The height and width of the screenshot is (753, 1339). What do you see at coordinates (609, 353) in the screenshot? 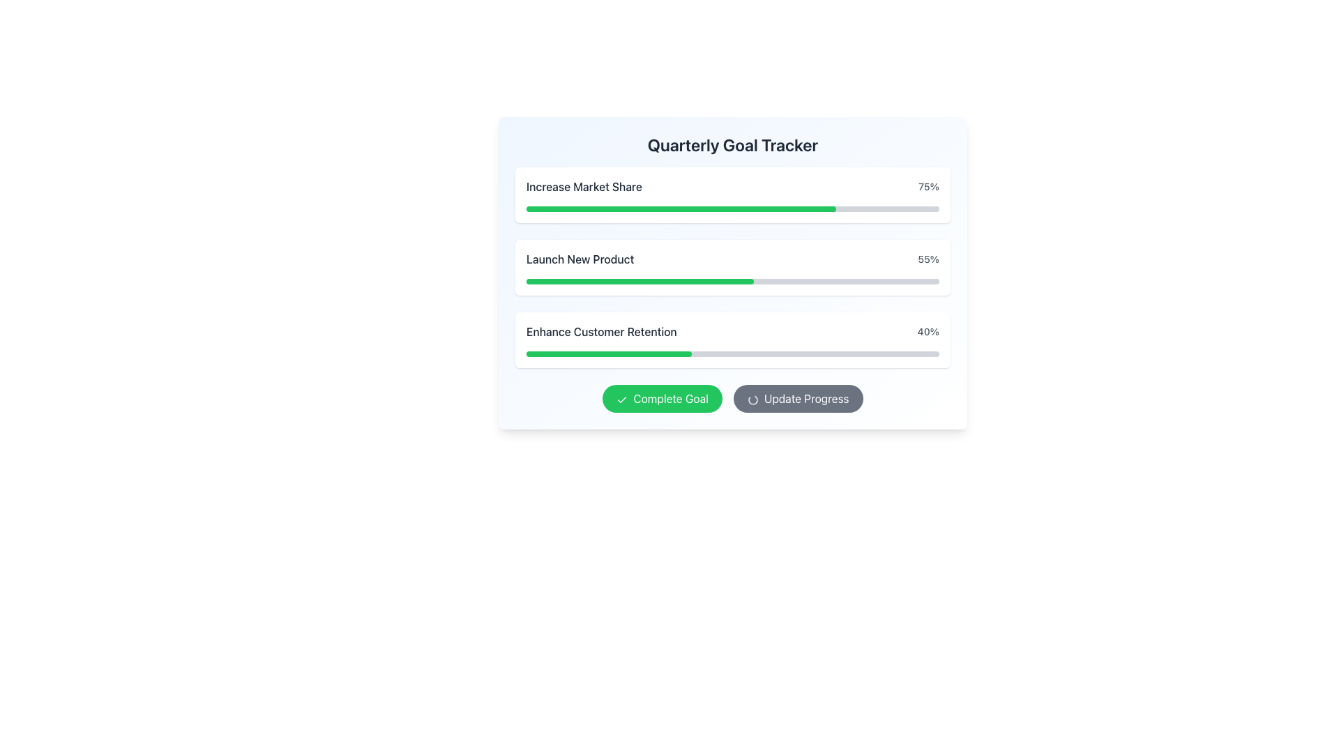
I see `the filled portion of the progress bar that represents 40% completion towards enhancing customer retention, located within the tracker titled 'Enhance Customer Retention'` at bounding box center [609, 353].